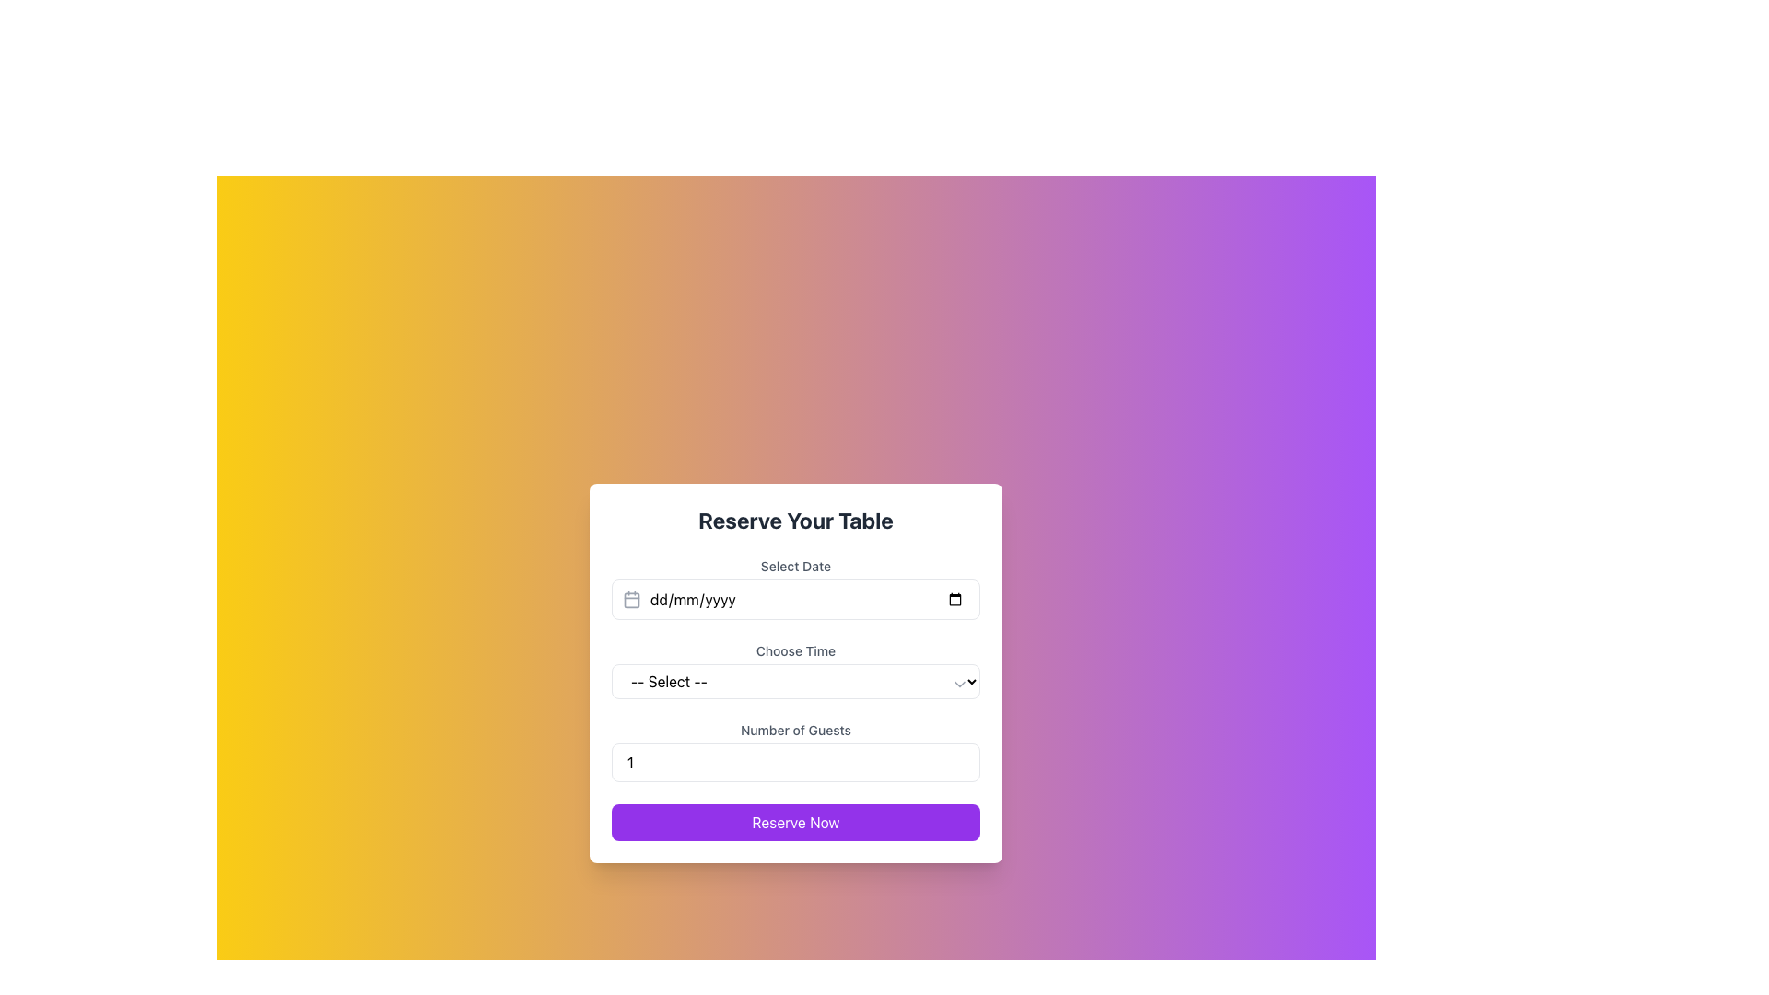 This screenshot has height=995, width=1769. I want to click on the downward-pointing chevron icon located at the far right end of the '-- Select --' dropdown menu in the 'Choose Time' section to provide visual feedback, so click(958, 685).